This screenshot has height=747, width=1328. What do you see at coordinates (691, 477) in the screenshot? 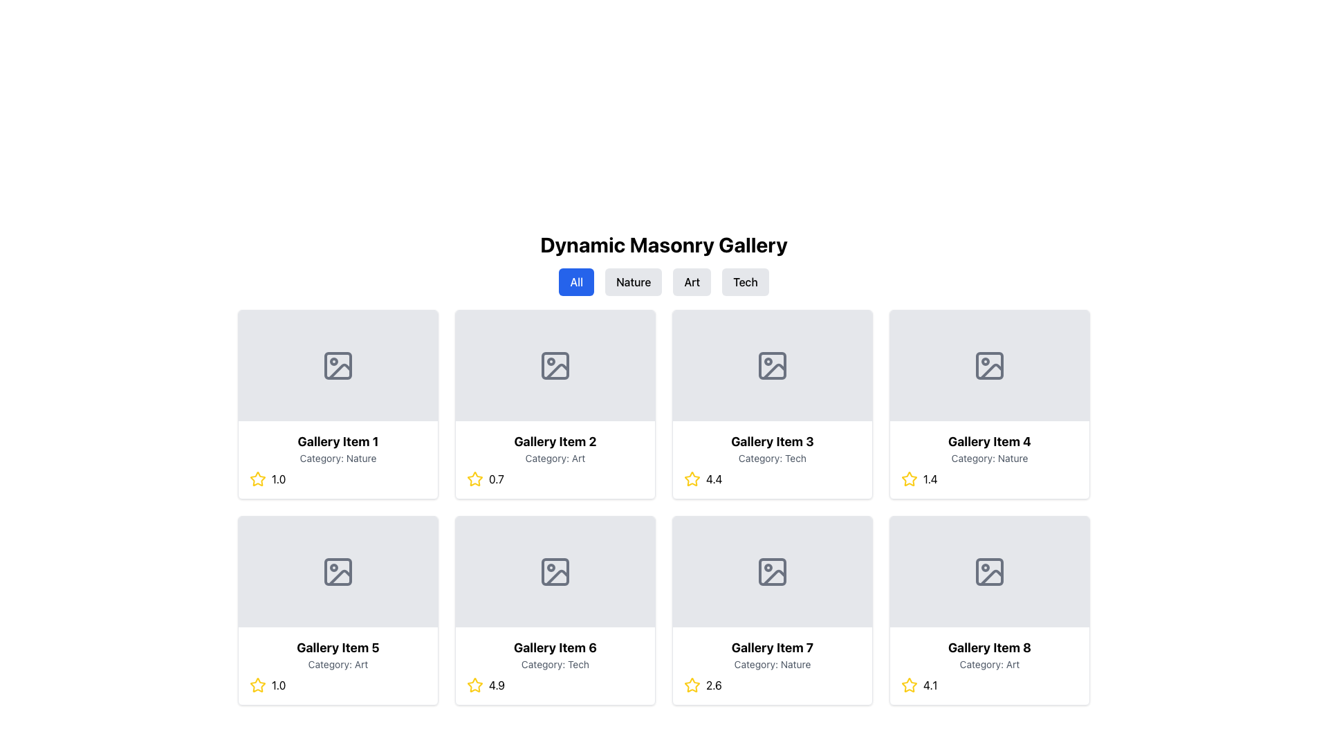
I see `the star icon representing the rating for 'Gallery Item 3' located in the second row and third column of the gallery layout` at bounding box center [691, 477].